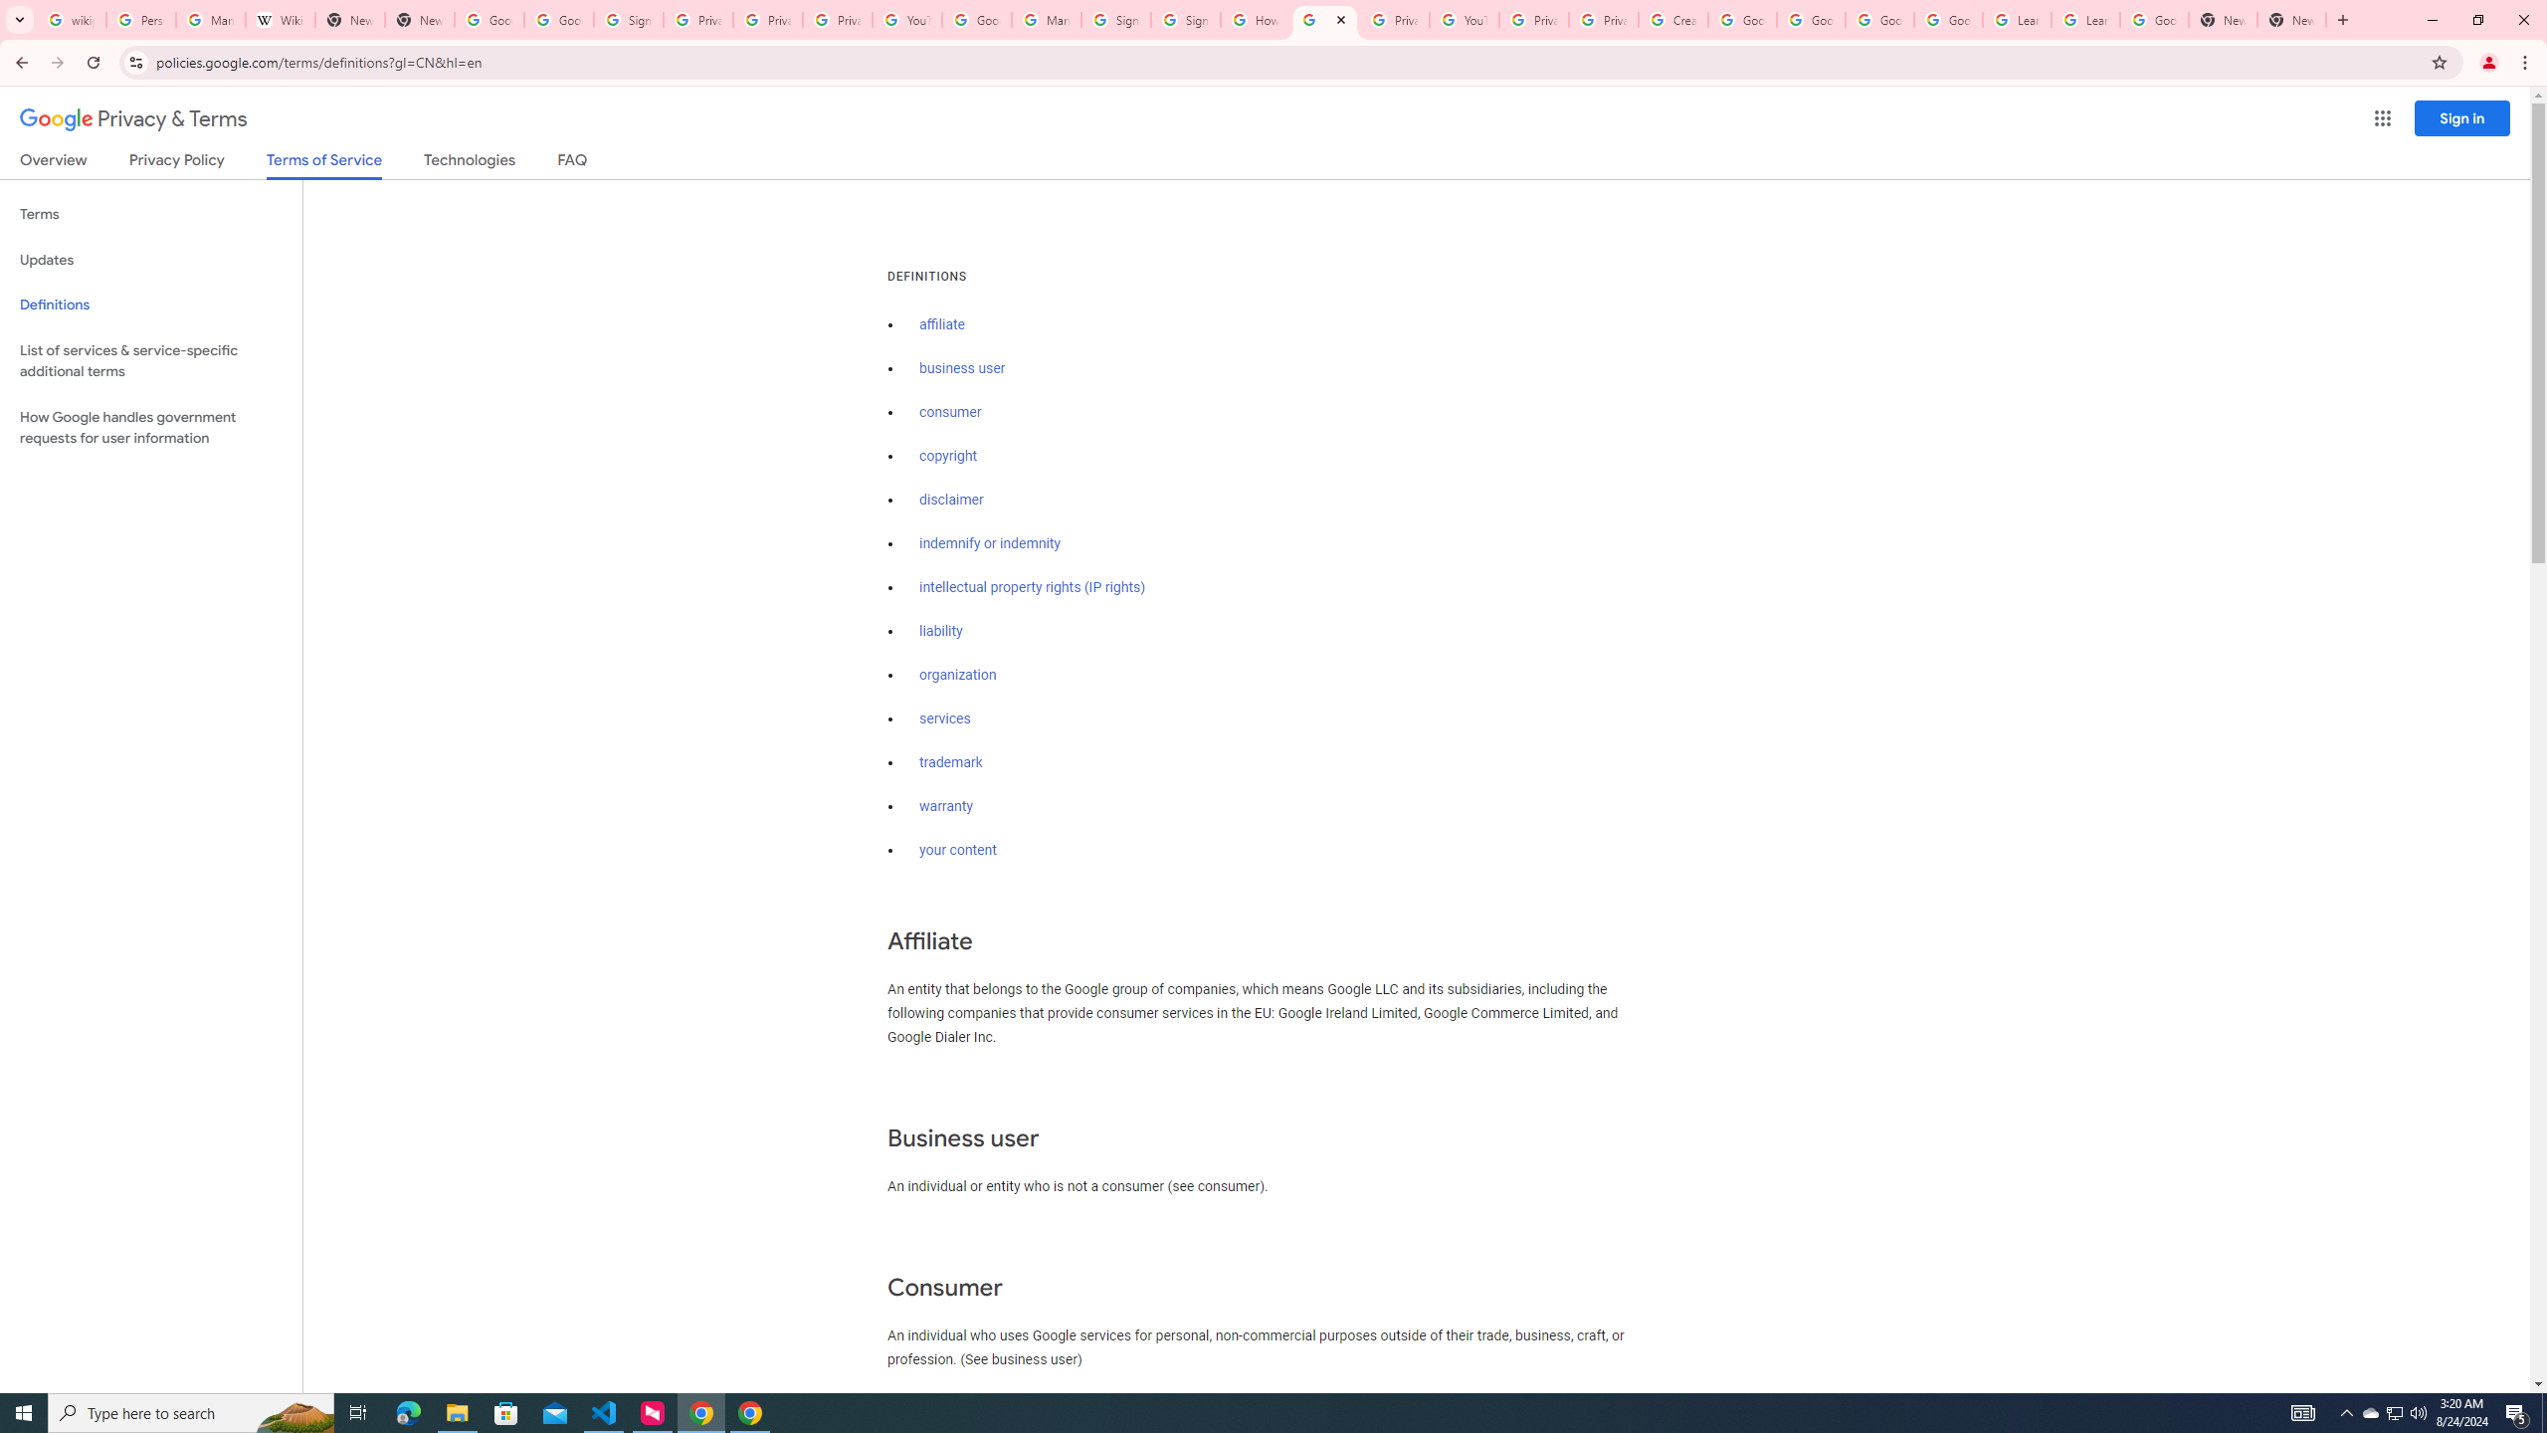 The height and width of the screenshot is (1433, 2547). I want to click on 'organization', so click(957, 674).